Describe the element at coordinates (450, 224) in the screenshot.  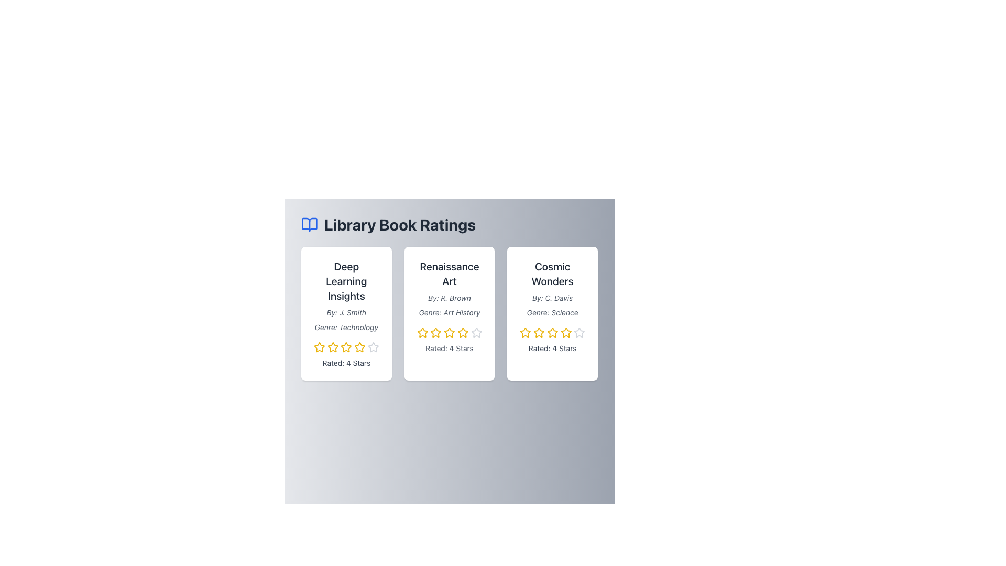
I see `the Header with icon and text that includes an open book icon and the title 'Library Book Ratings'` at that location.